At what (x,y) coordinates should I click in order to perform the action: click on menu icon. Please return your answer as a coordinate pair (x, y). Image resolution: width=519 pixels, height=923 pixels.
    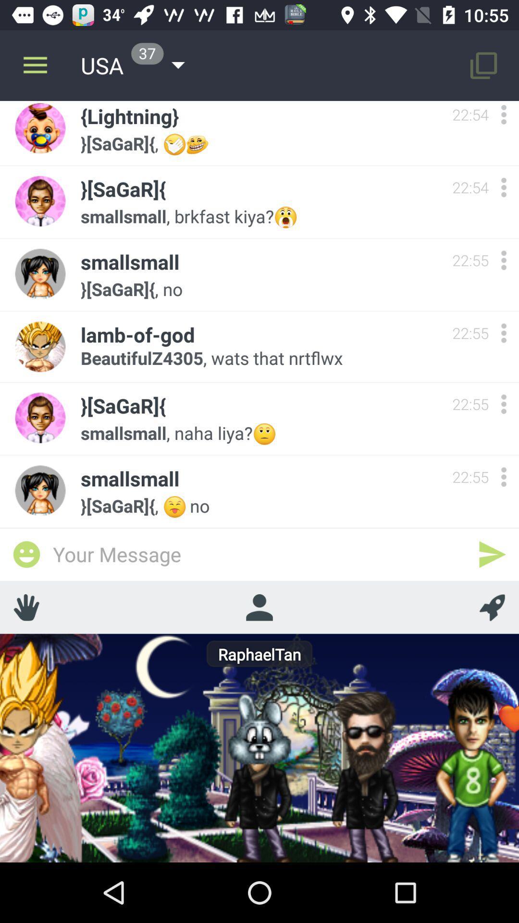
    Looking at the image, I should click on (503, 260).